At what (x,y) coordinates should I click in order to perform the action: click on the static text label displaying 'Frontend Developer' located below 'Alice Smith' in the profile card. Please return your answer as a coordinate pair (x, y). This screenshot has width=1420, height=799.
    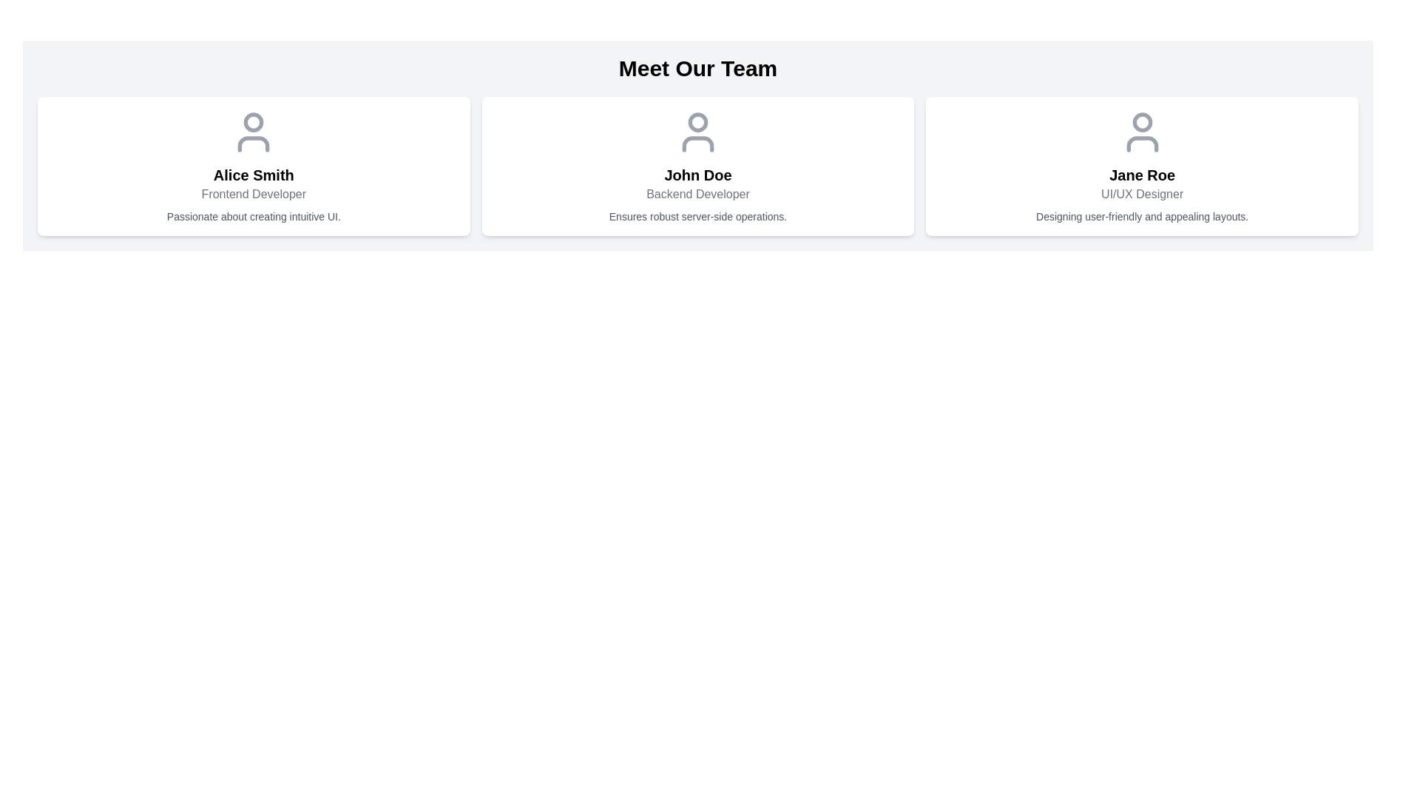
    Looking at the image, I should click on (254, 193).